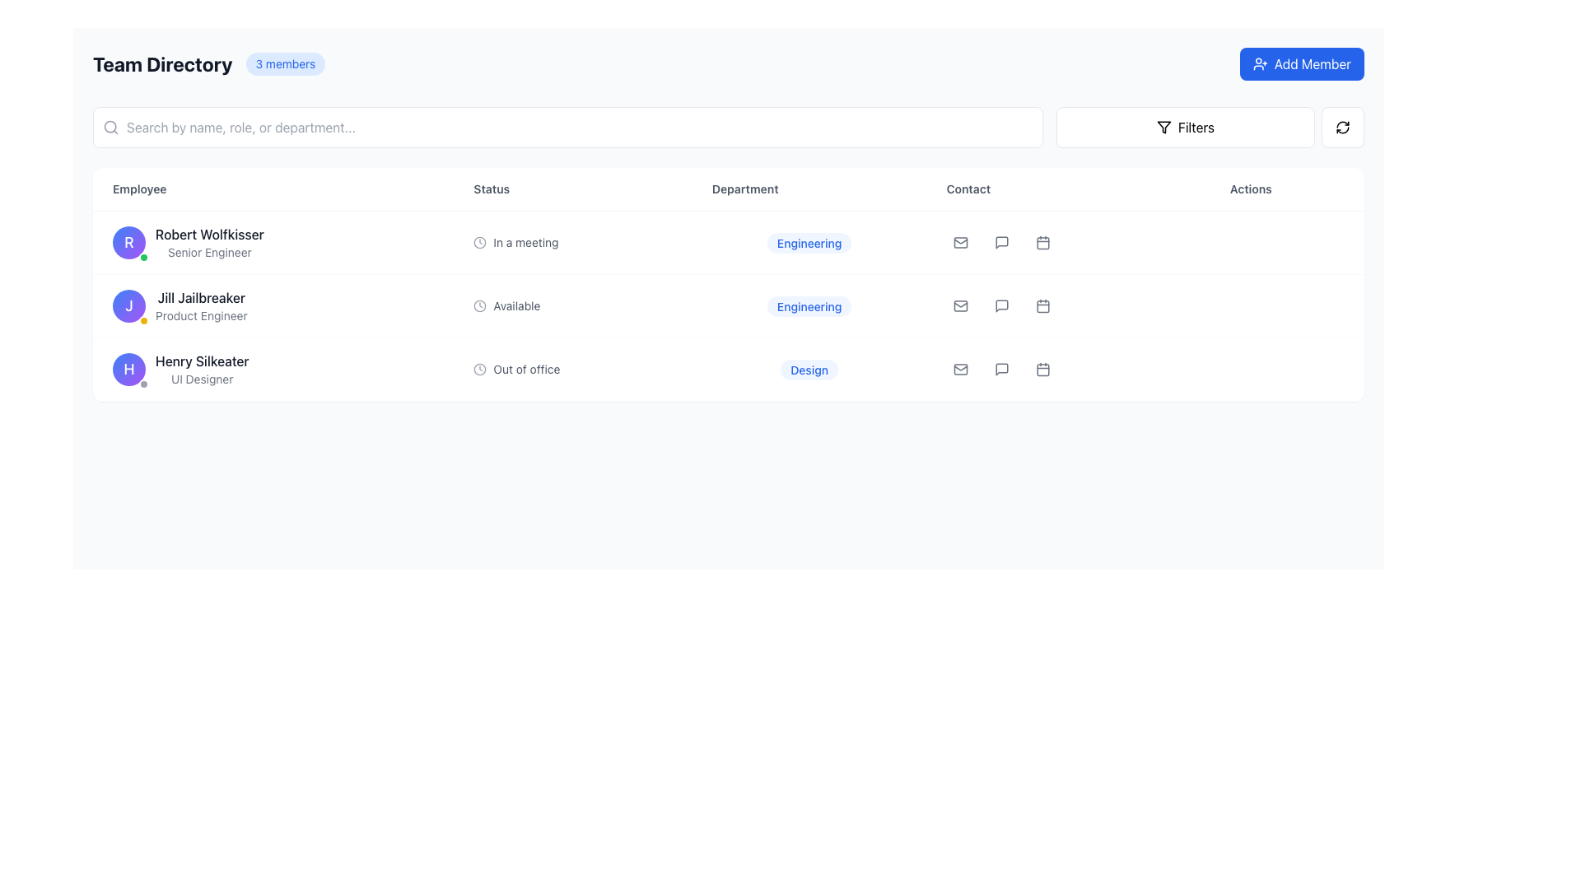  I want to click on the Icon Button, so click(1042, 305).